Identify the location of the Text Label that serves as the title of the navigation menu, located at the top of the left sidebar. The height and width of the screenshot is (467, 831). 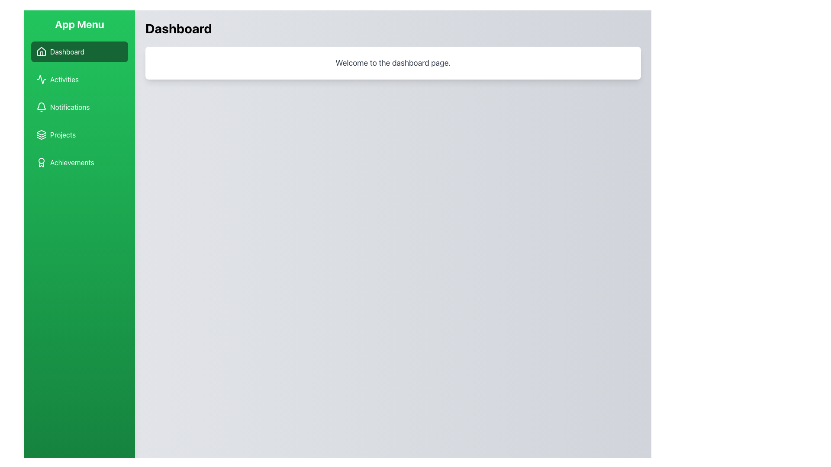
(79, 24).